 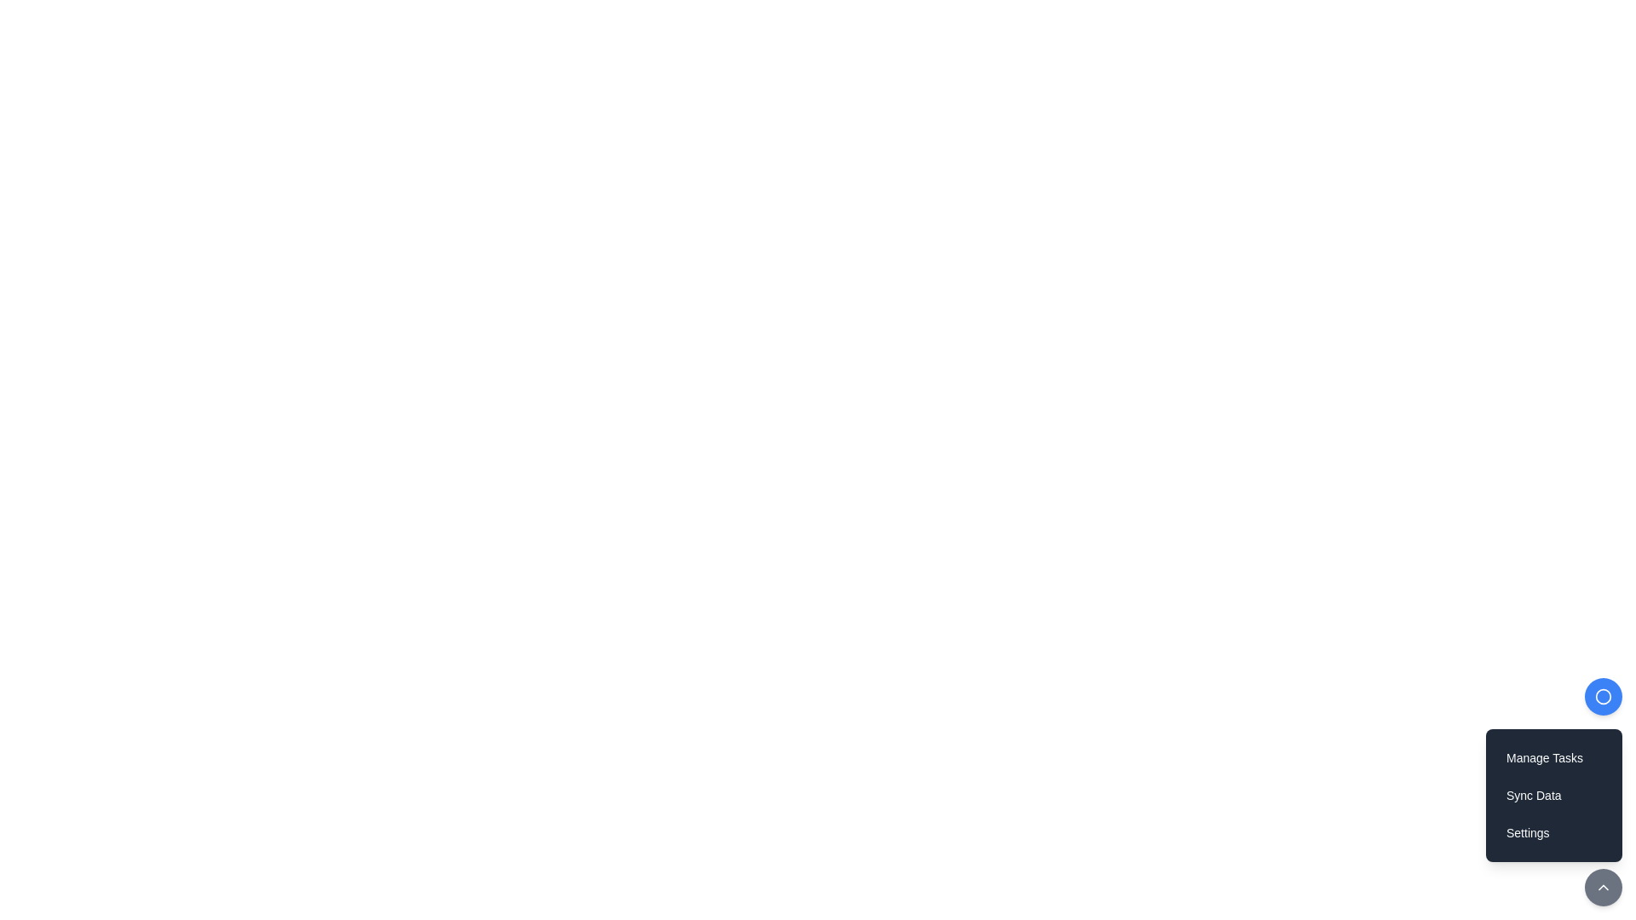 I want to click on the upward-pointing chevron-style arrow icon within its gray circular button located in the bottom-right corner of the interface, so click(x=1602, y=886).